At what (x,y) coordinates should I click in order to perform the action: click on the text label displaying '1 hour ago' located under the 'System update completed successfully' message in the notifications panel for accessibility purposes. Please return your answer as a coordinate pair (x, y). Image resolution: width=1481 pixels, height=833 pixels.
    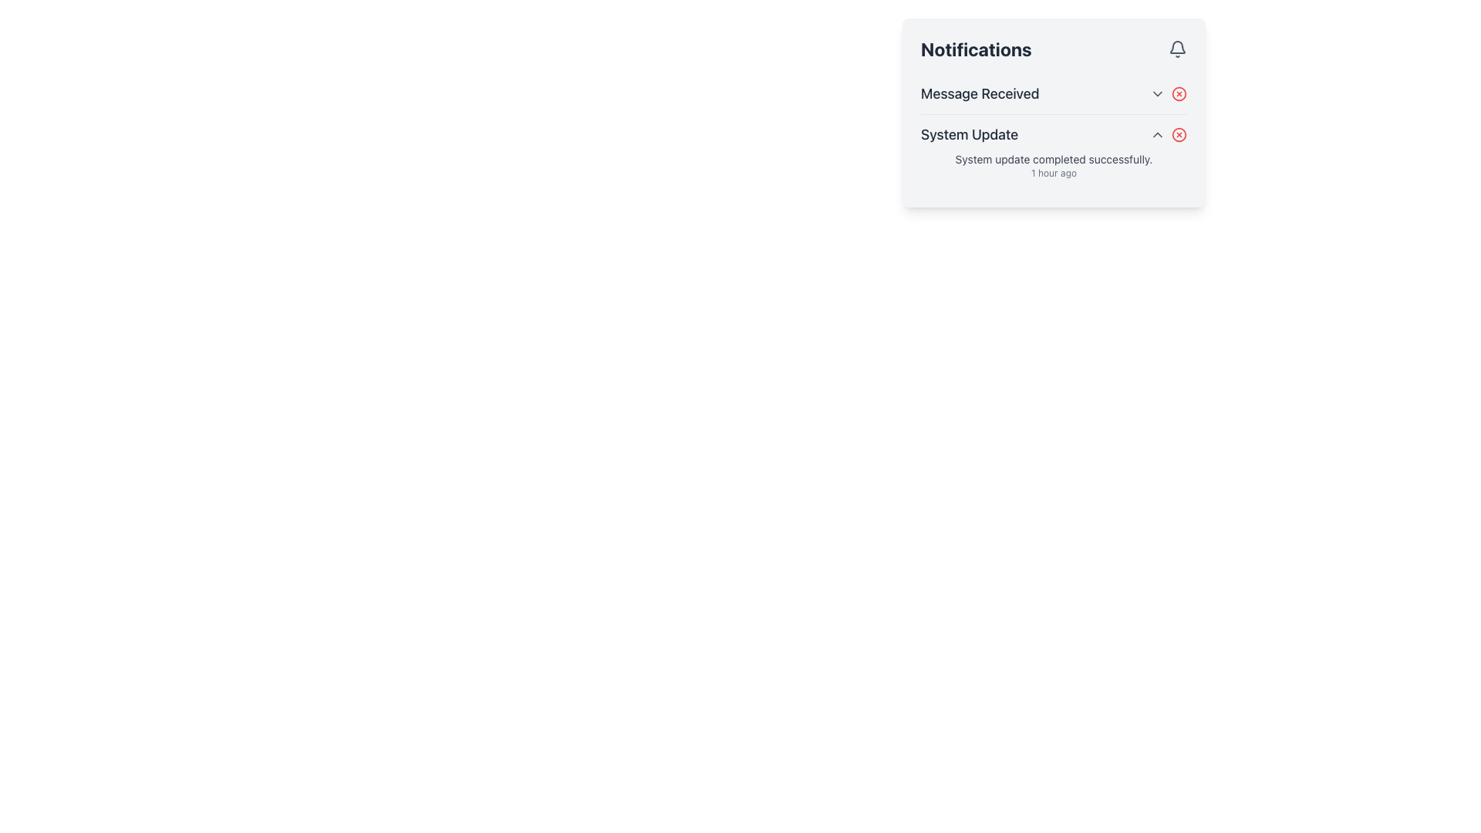
    Looking at the image, I should click on (1053, 173).